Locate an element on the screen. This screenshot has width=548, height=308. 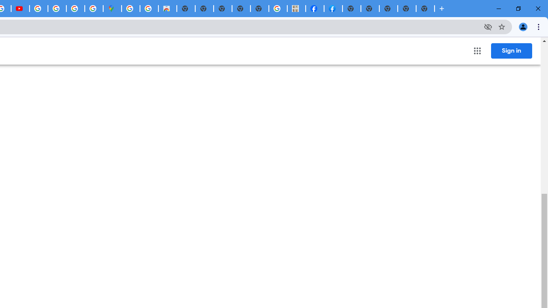
'Sign Up for Facebook' is located at coordinates (333, 9).